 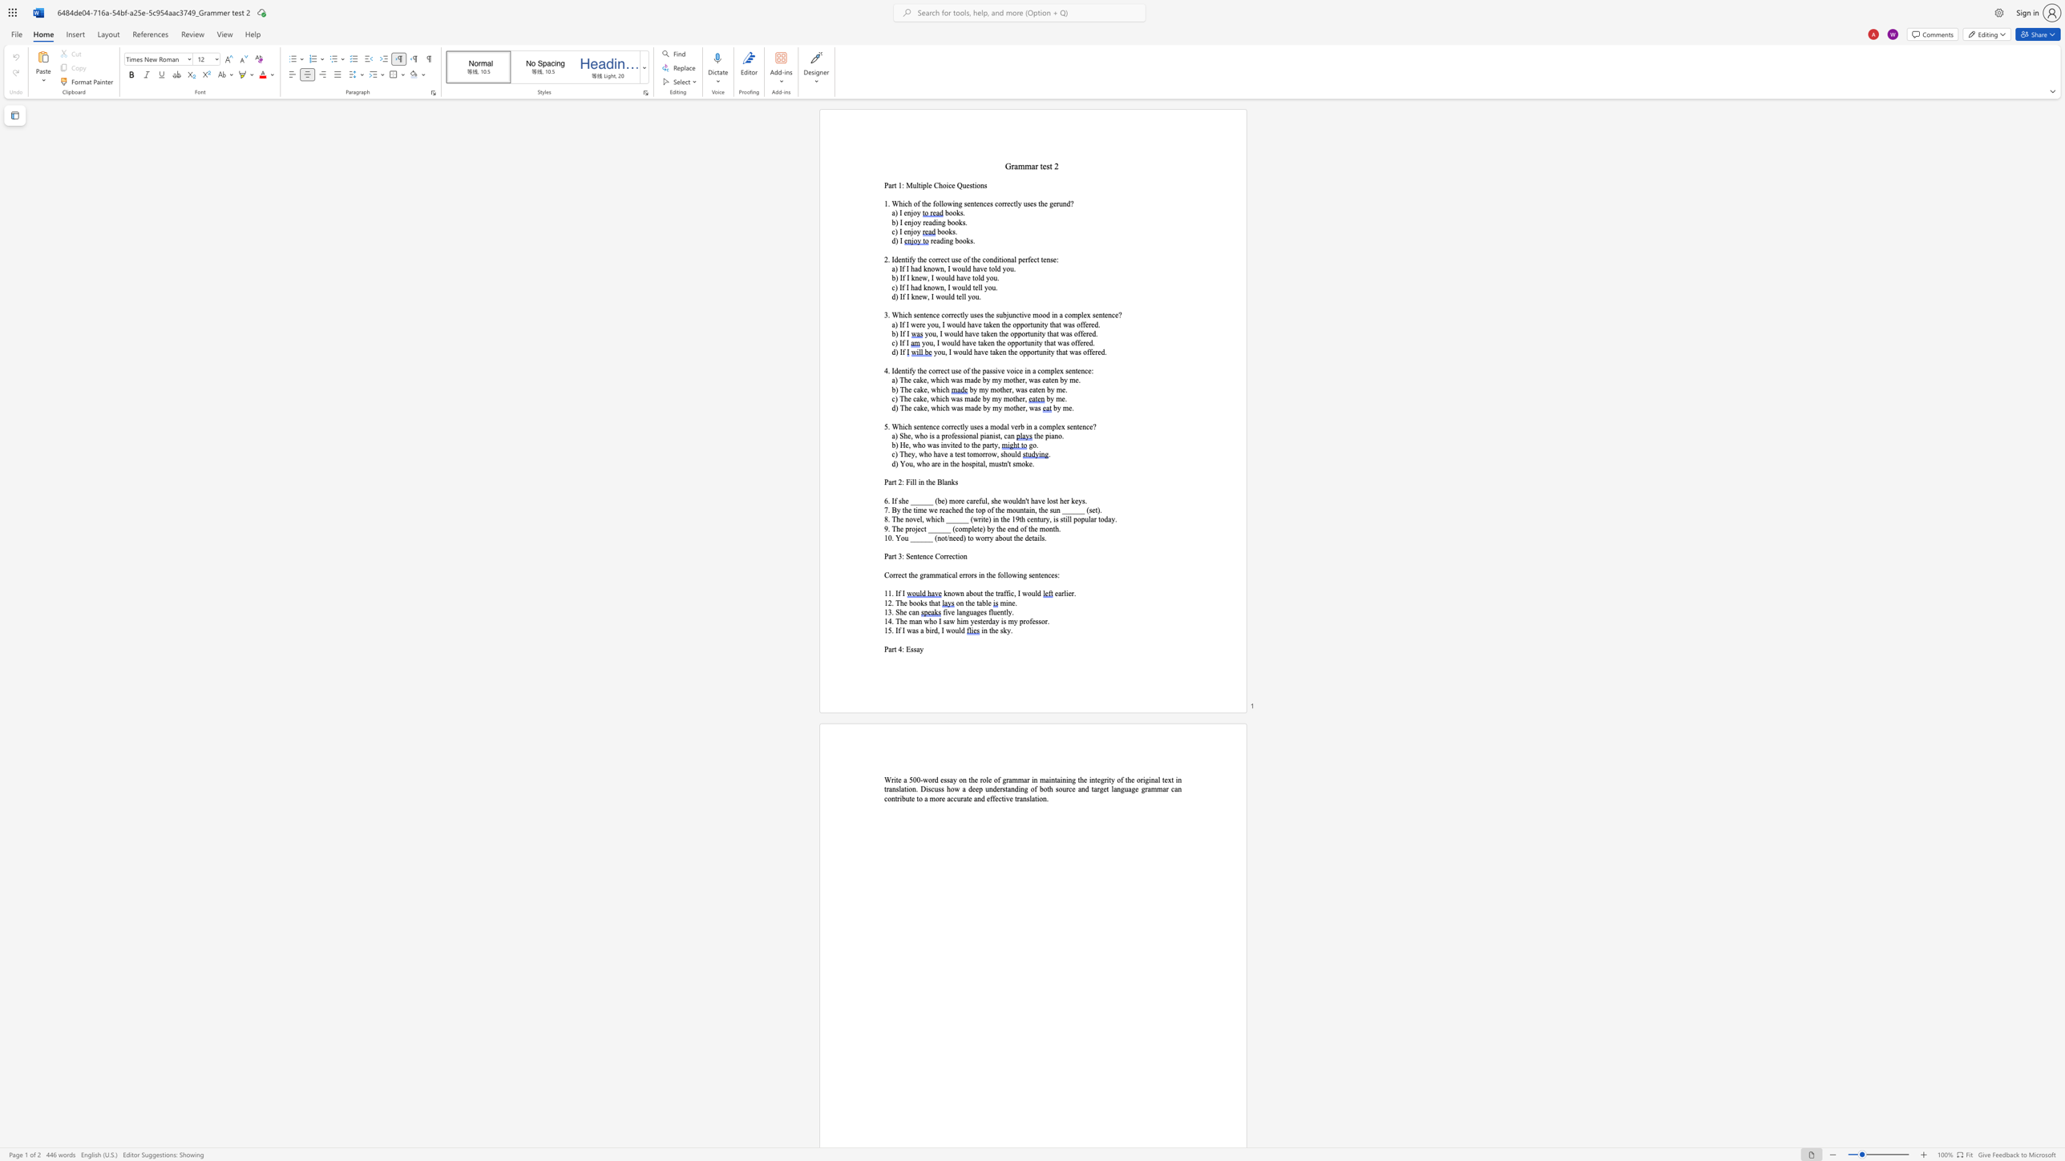 What do you see at coordinates (1007, 621) in the screenshot?
I see `the subset text "my professor" within the text "14. The man who I saw him yesterday is my professor."` at bounding box center [1007, 621].